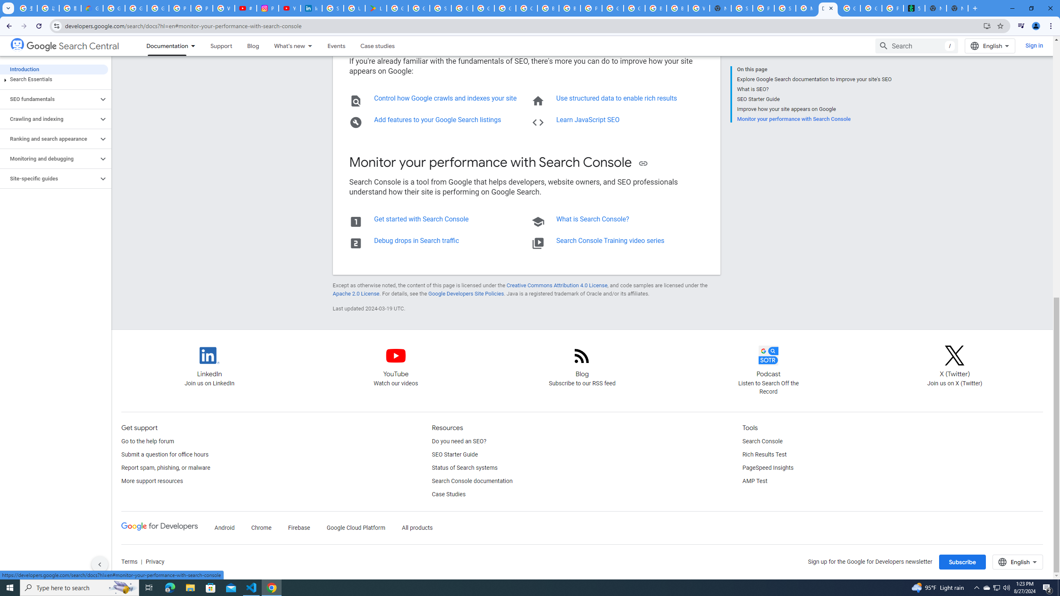 This screenshot has width=1060, height=596. Describe the element at coordinates (165, 454) in the screenshot. I see `'Submit a question for office hours'` at that location.